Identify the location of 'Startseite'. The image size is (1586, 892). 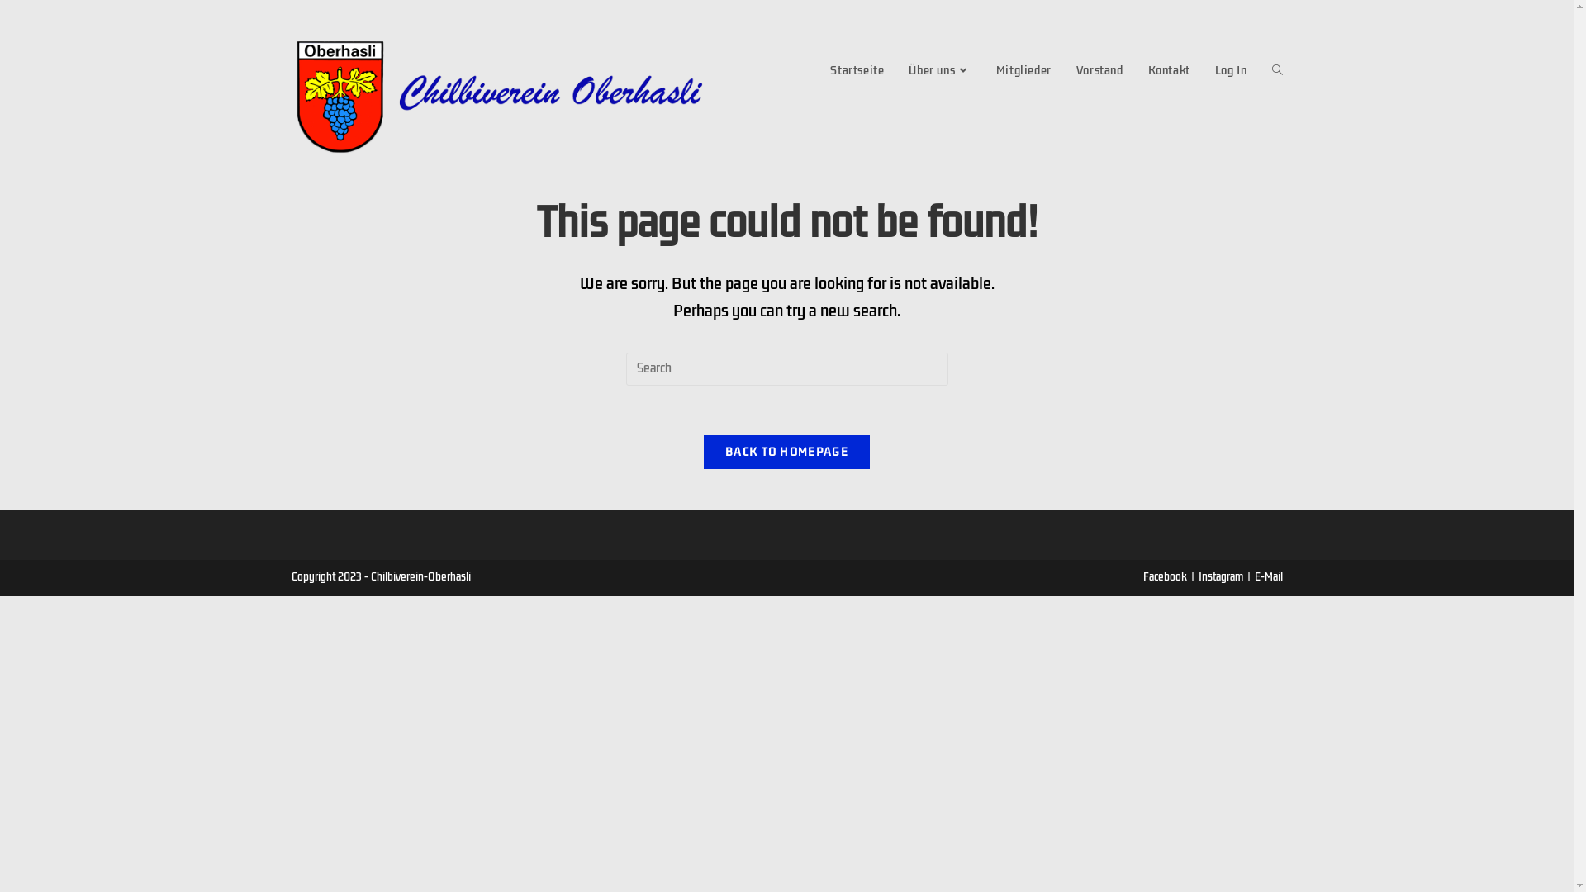
(857, 69).